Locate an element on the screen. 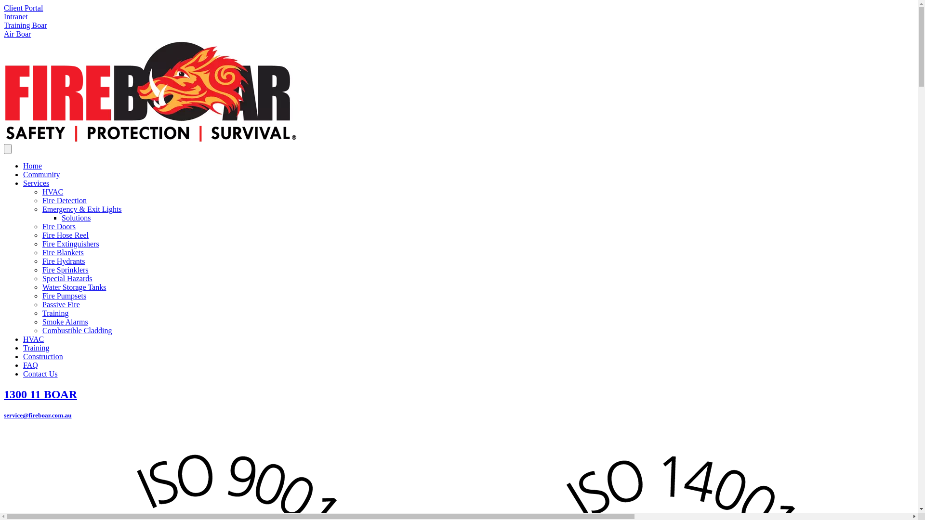 The height and width of the screenshot is (520, 925). 'Fire Detection' is located at coordinates (64, 200).